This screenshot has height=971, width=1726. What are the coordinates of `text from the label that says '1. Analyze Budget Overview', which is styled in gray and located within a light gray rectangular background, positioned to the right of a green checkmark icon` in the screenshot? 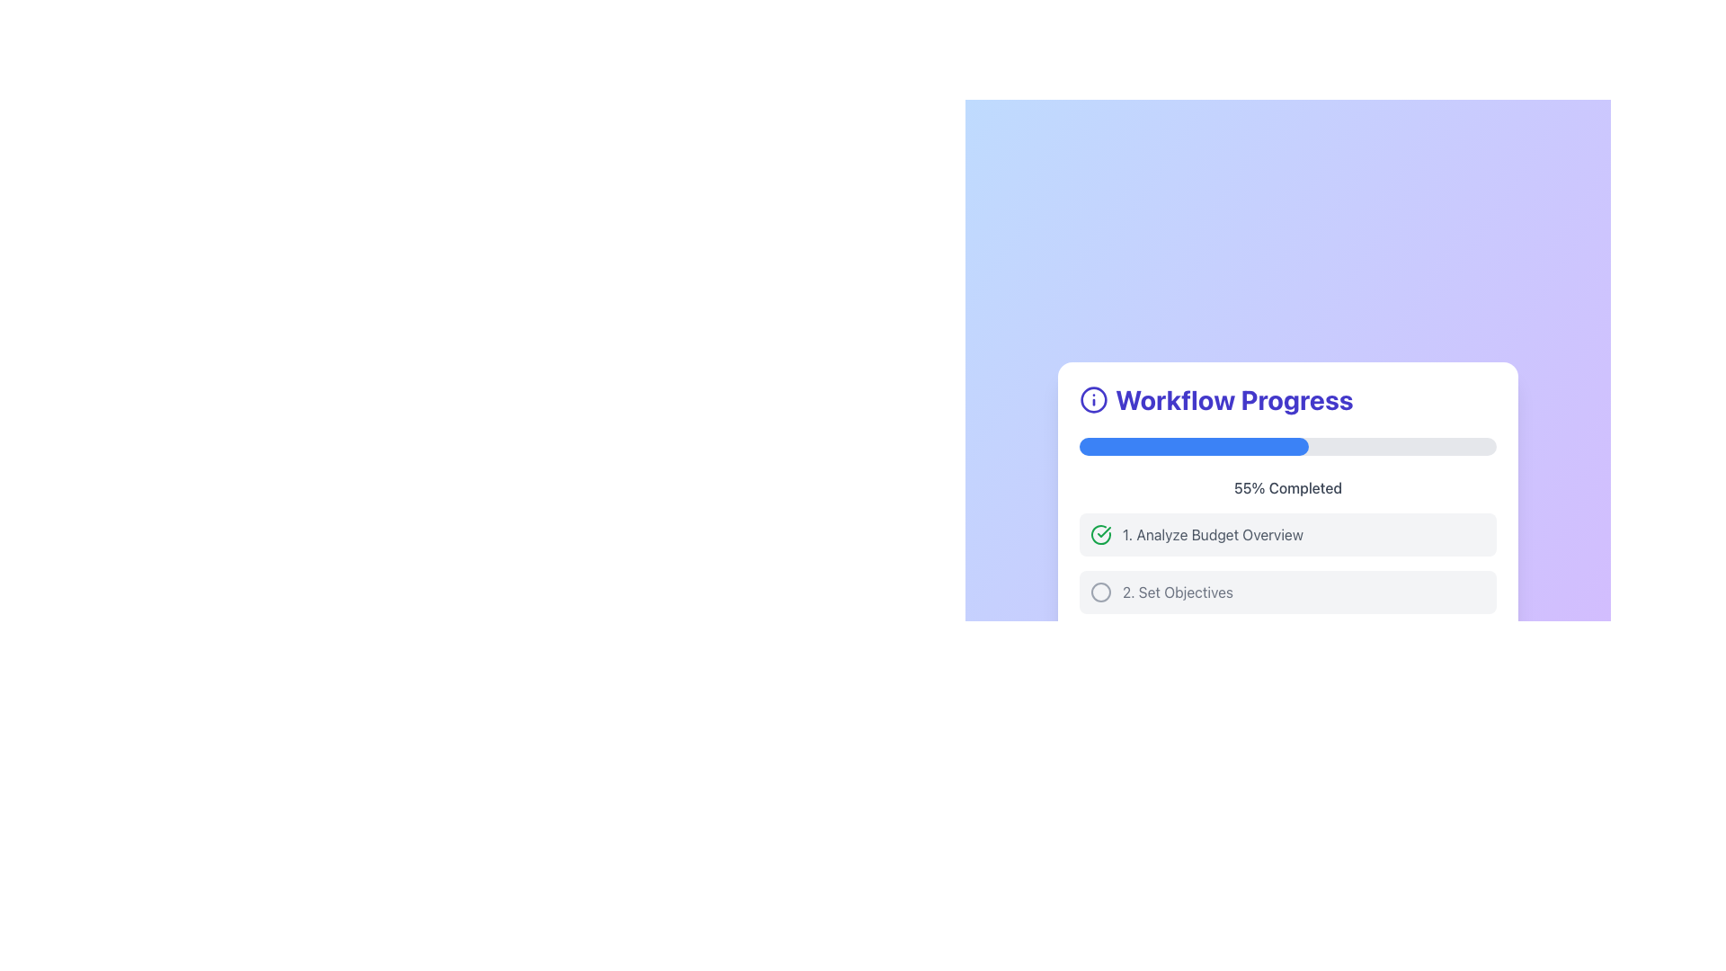 It's located at (1213, 533).